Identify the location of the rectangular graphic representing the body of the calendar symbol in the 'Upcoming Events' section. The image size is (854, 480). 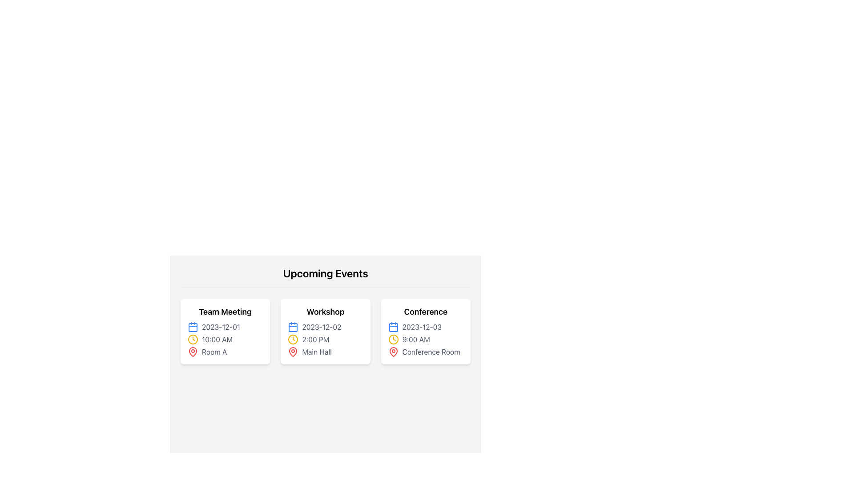
(192, 327).